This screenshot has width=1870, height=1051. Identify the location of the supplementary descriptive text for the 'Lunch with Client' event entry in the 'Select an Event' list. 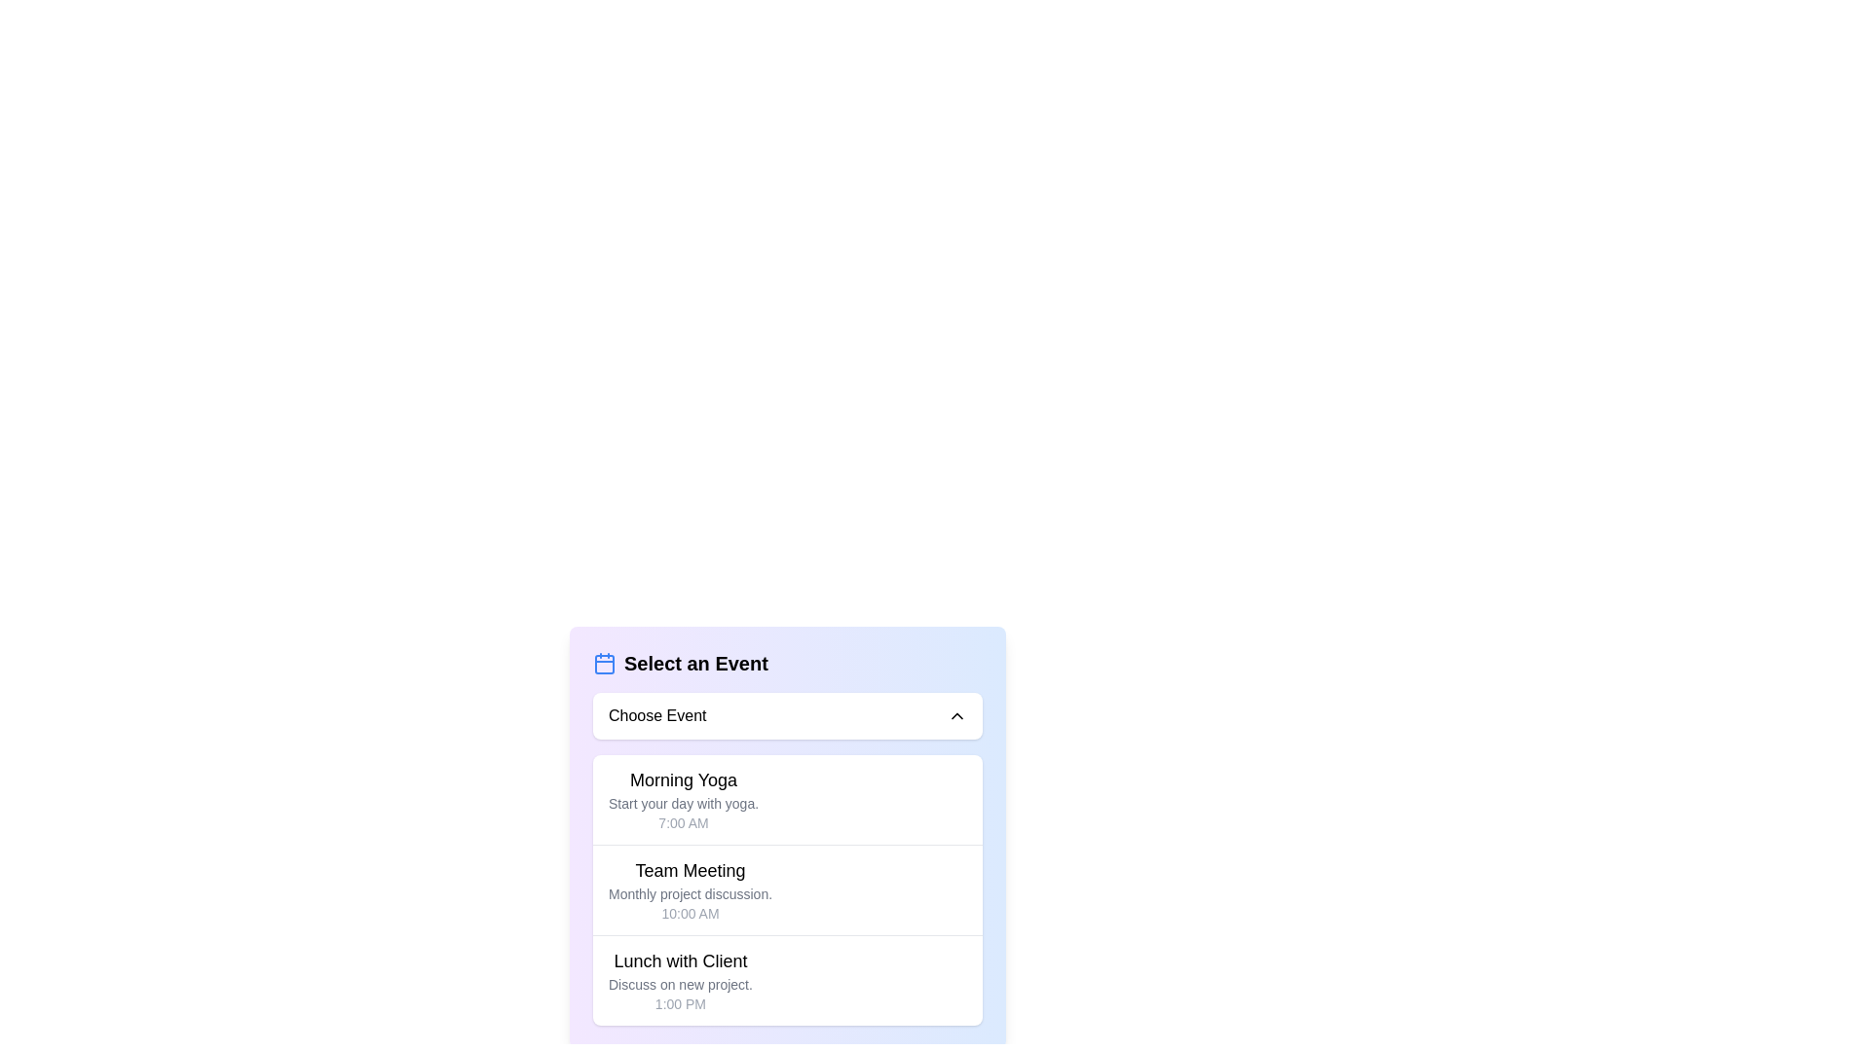
(680, 984).